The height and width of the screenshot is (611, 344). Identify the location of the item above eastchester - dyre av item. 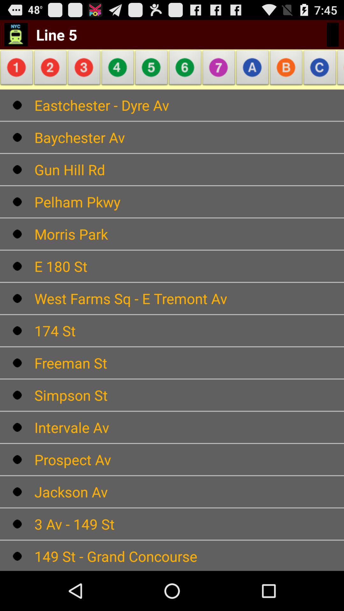
(151, 69).